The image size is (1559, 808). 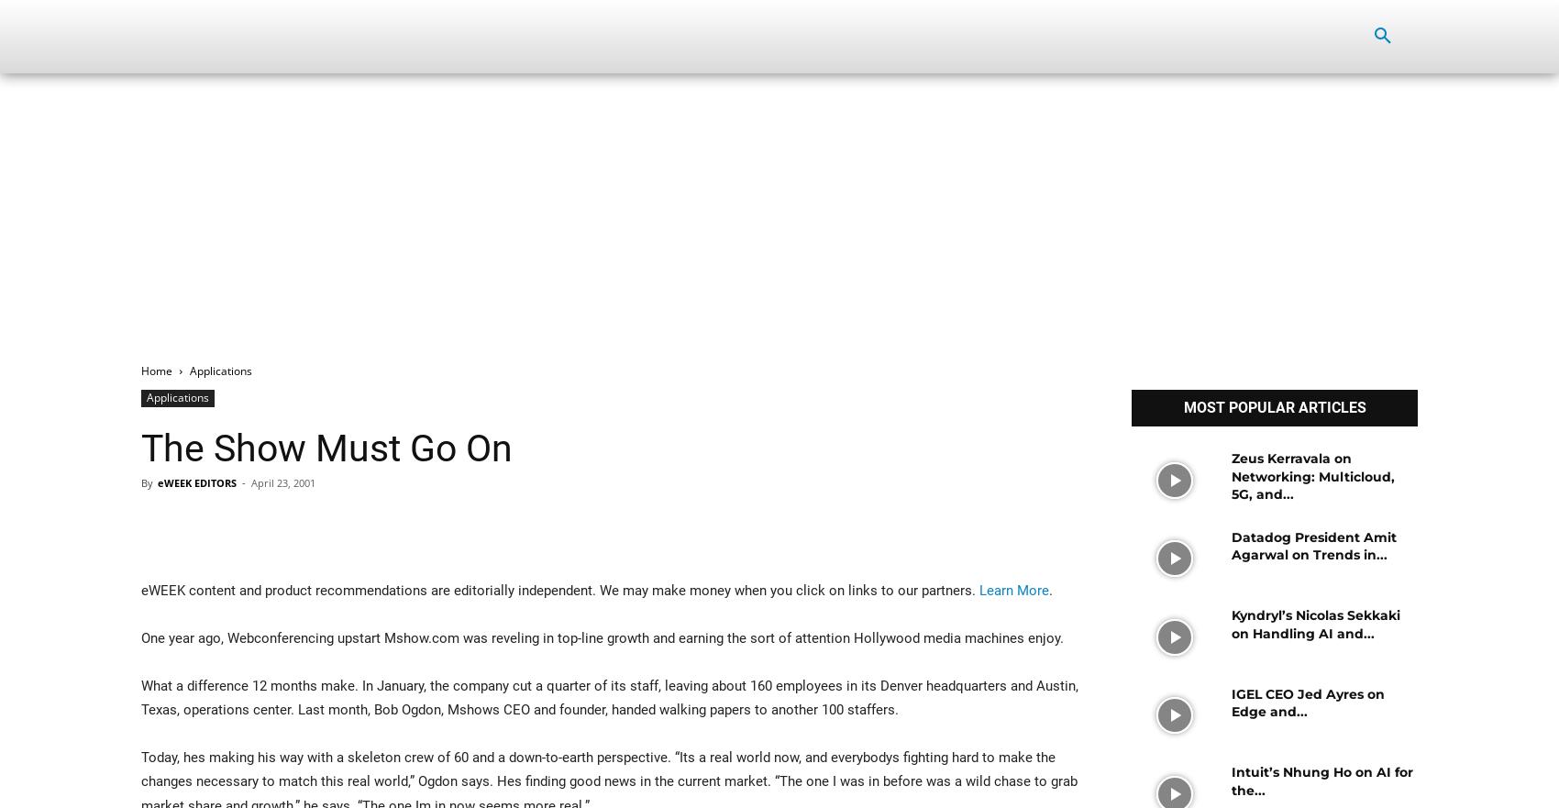 I want to click on 'Share', so click(x=201, y=526).